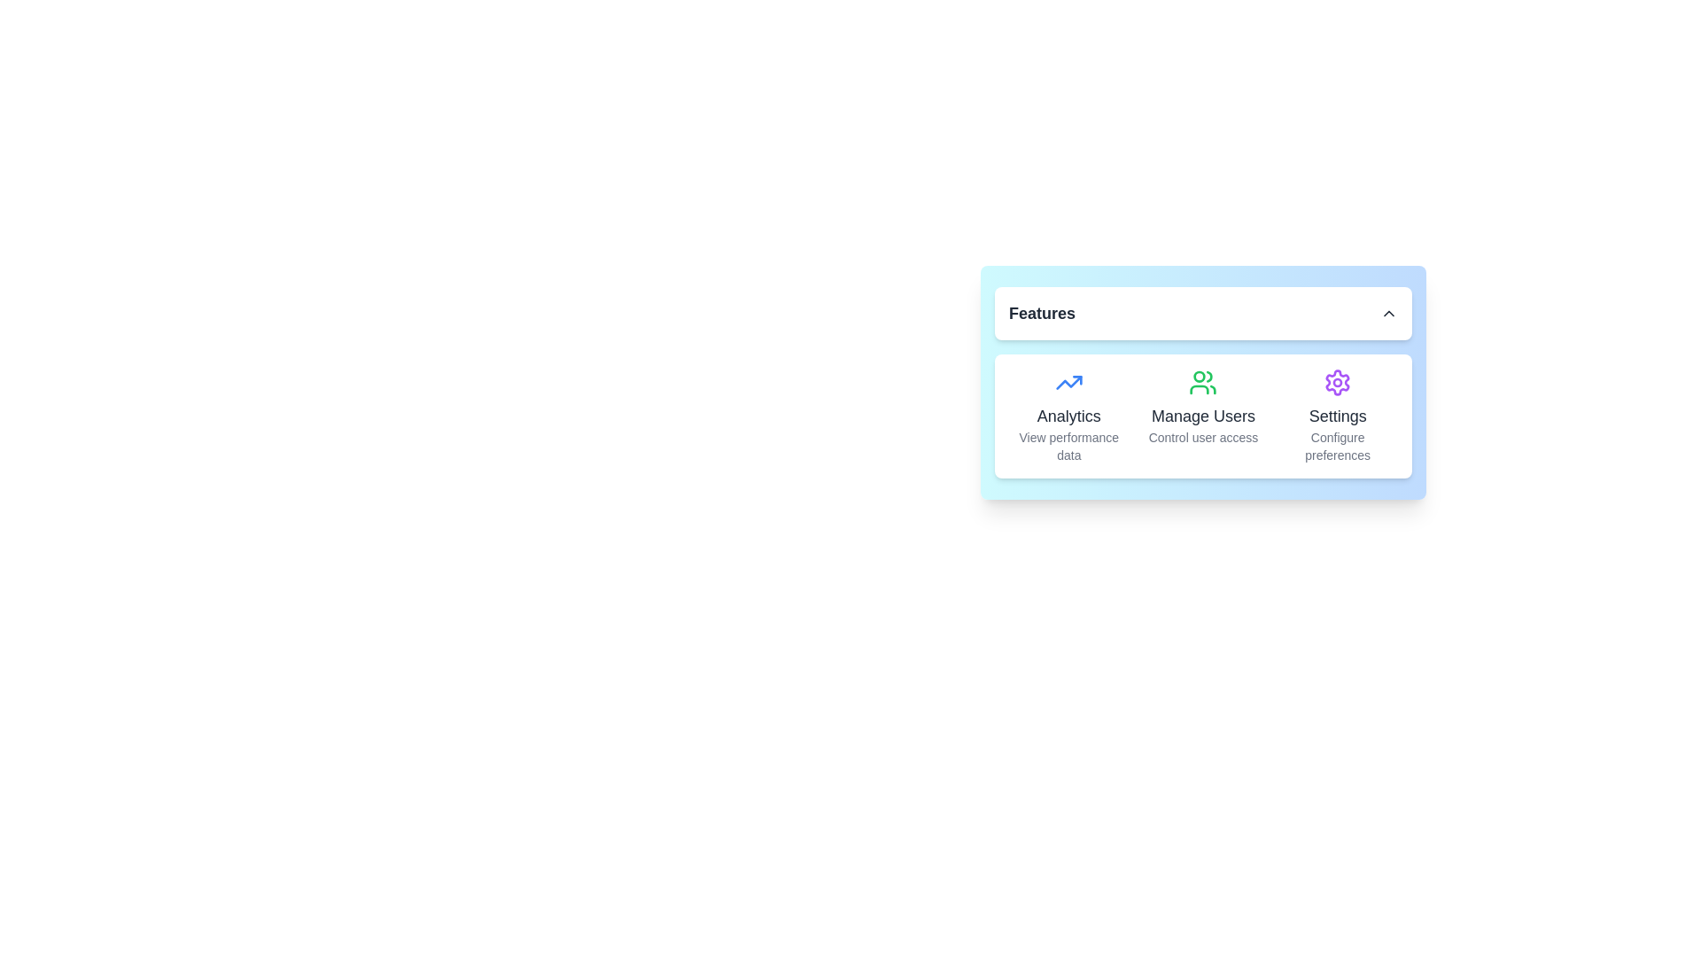 The image size is (1701, 957). I want to click on the upward-trending blue arrow icon representing analytics, located above the 'Analytics View performance data' section, so click(1068, 382).